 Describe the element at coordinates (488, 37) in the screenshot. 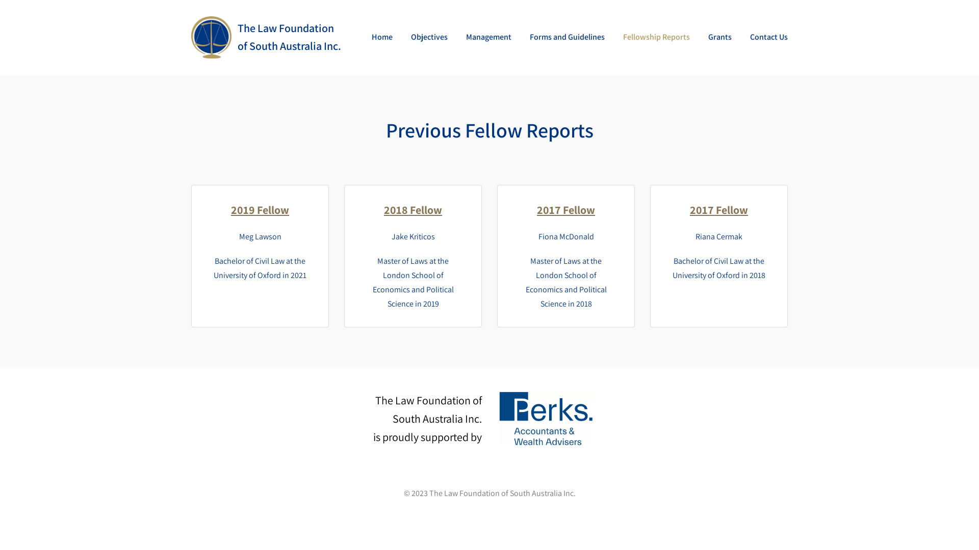

I see `'Management'` at that location.